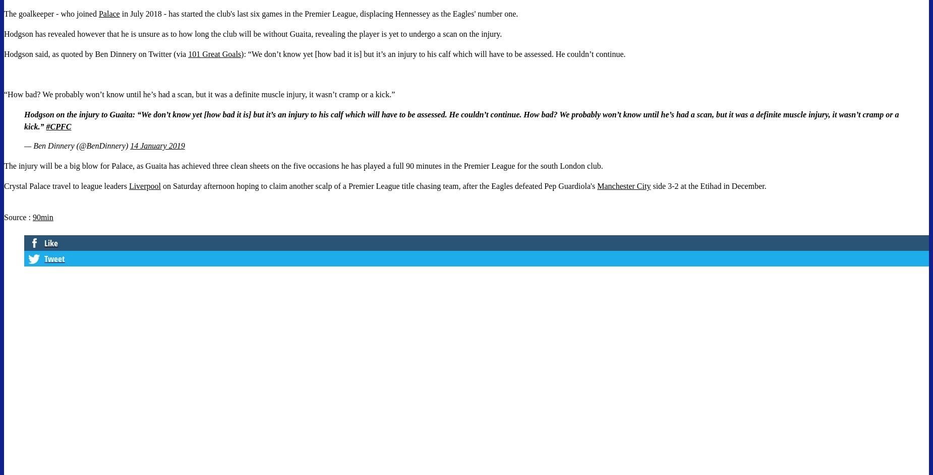 The image size is (933, 475). I want to click on 'Tweet', so click(54, 258).